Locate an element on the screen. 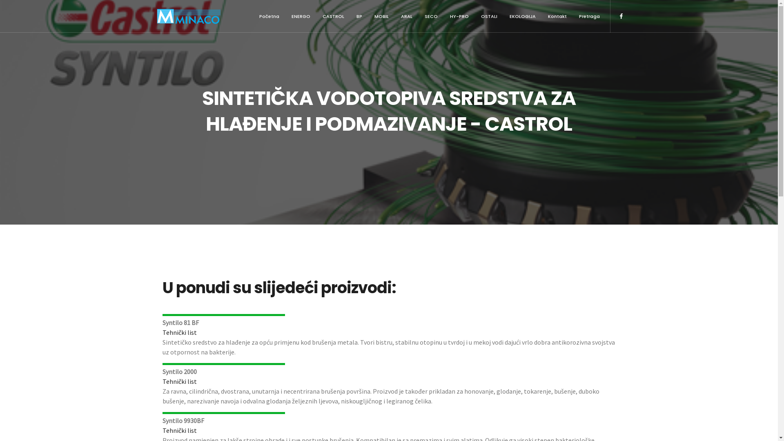  'MOBIL' is located at coordinates (381, 16).